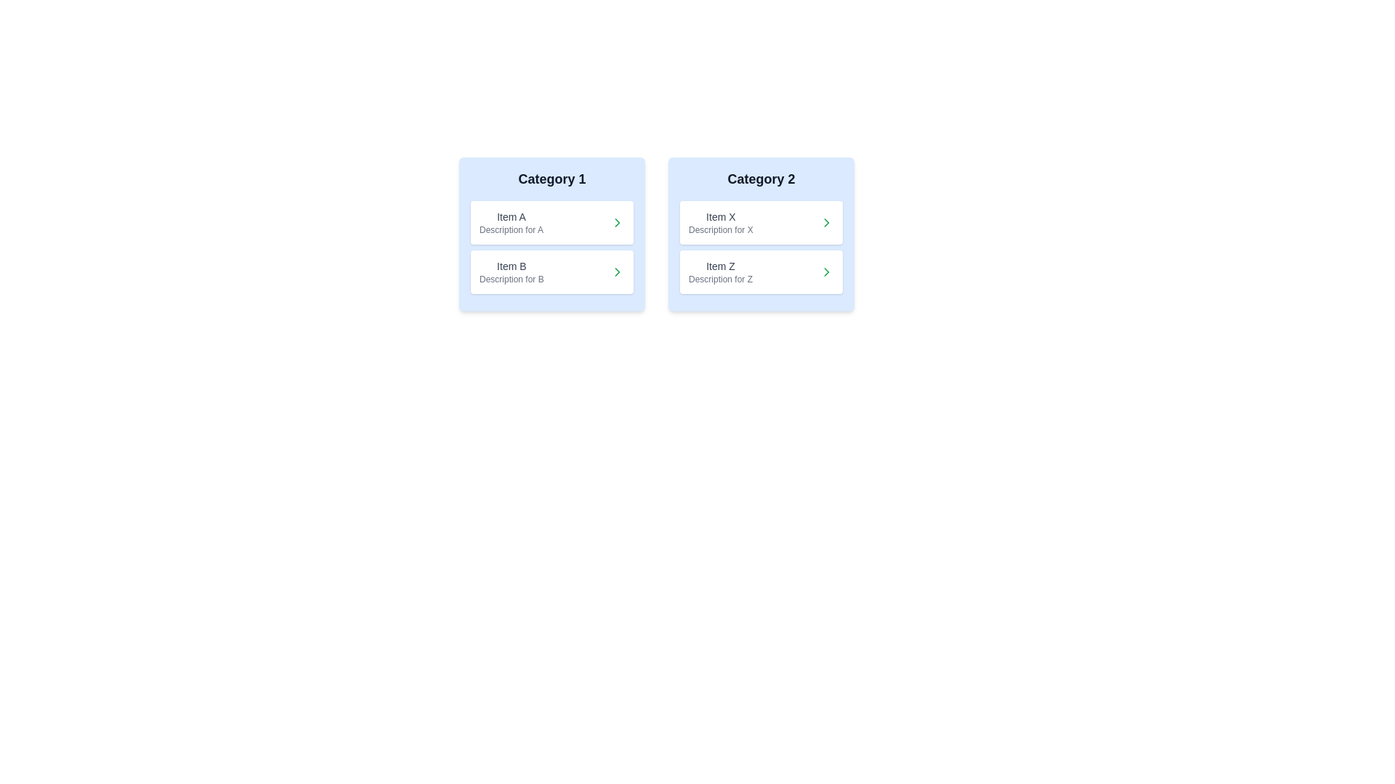  I want to click on the transfer button for Item X to move it to the other category, so click(826, 223).